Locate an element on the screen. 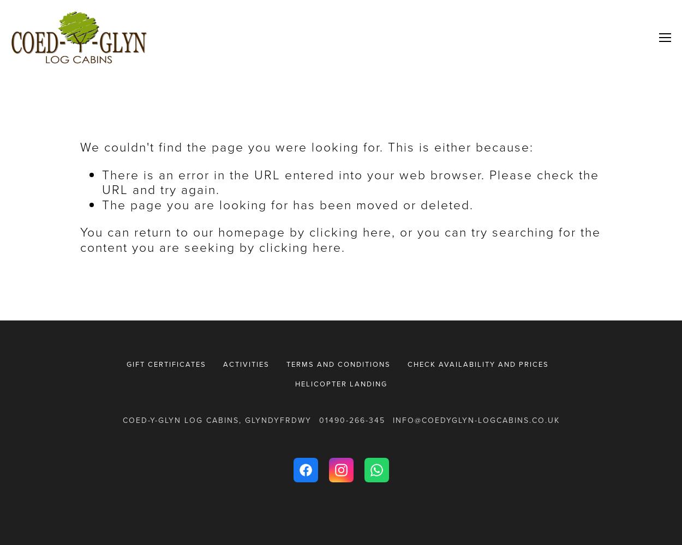  'The page you are looking for has been moved or deleted.' is located at coordinates (288, 204).